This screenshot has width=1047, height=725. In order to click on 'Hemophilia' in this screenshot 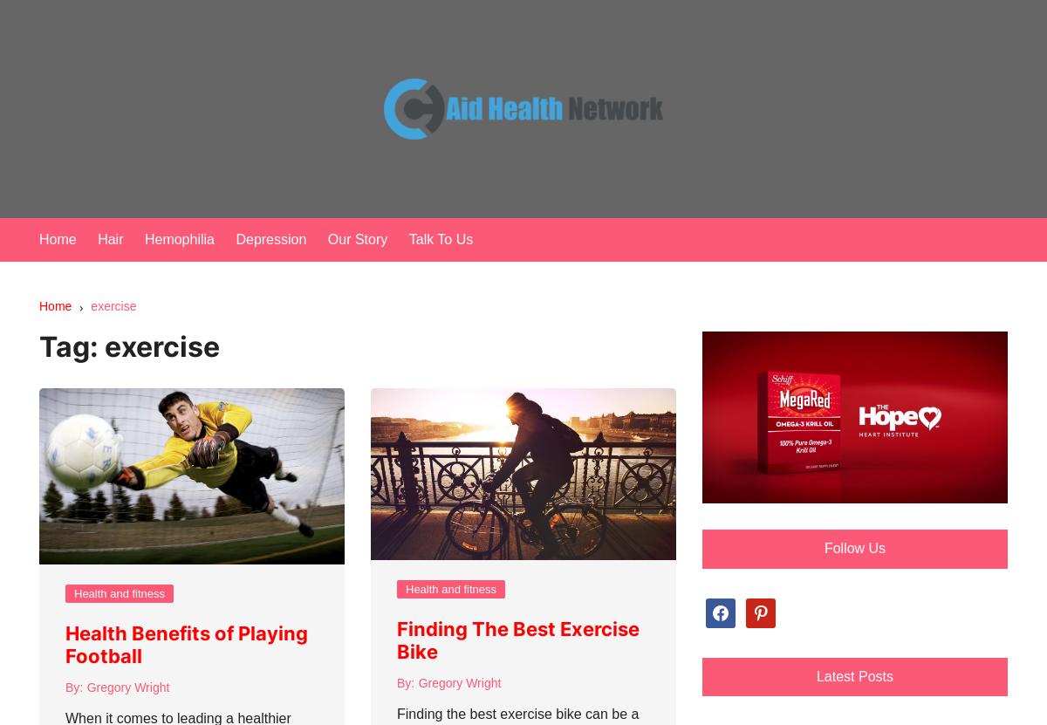, I will do `click(177, 238)`.